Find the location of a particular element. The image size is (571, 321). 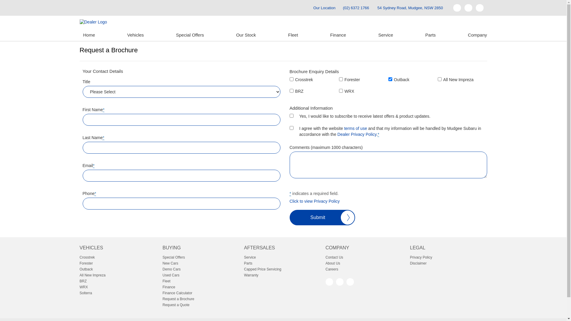

'Finance' is located at coordinates (326, 35).